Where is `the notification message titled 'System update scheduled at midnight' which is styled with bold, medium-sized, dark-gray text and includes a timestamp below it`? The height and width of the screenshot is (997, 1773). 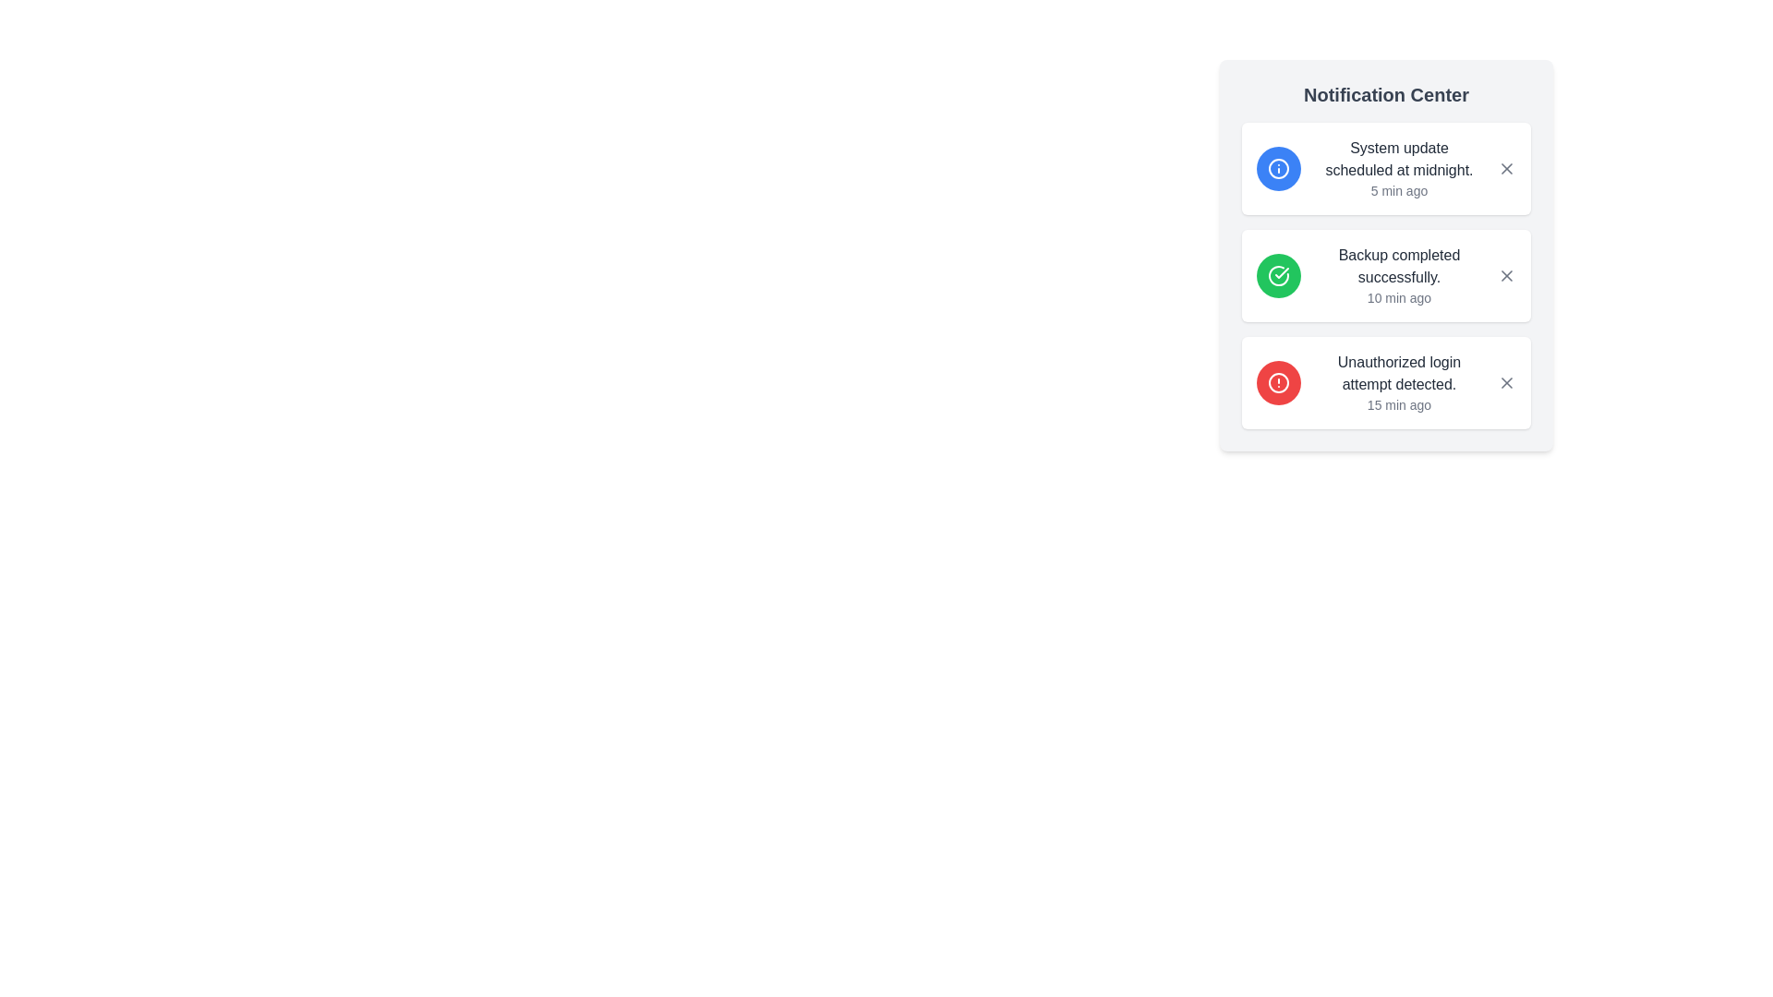
the notification message titled 'System update scheduled at midnight' which is styled with bold, medium-sized, dark-gray text and includes a timestamp below it is located at coordinates (1399, 168).